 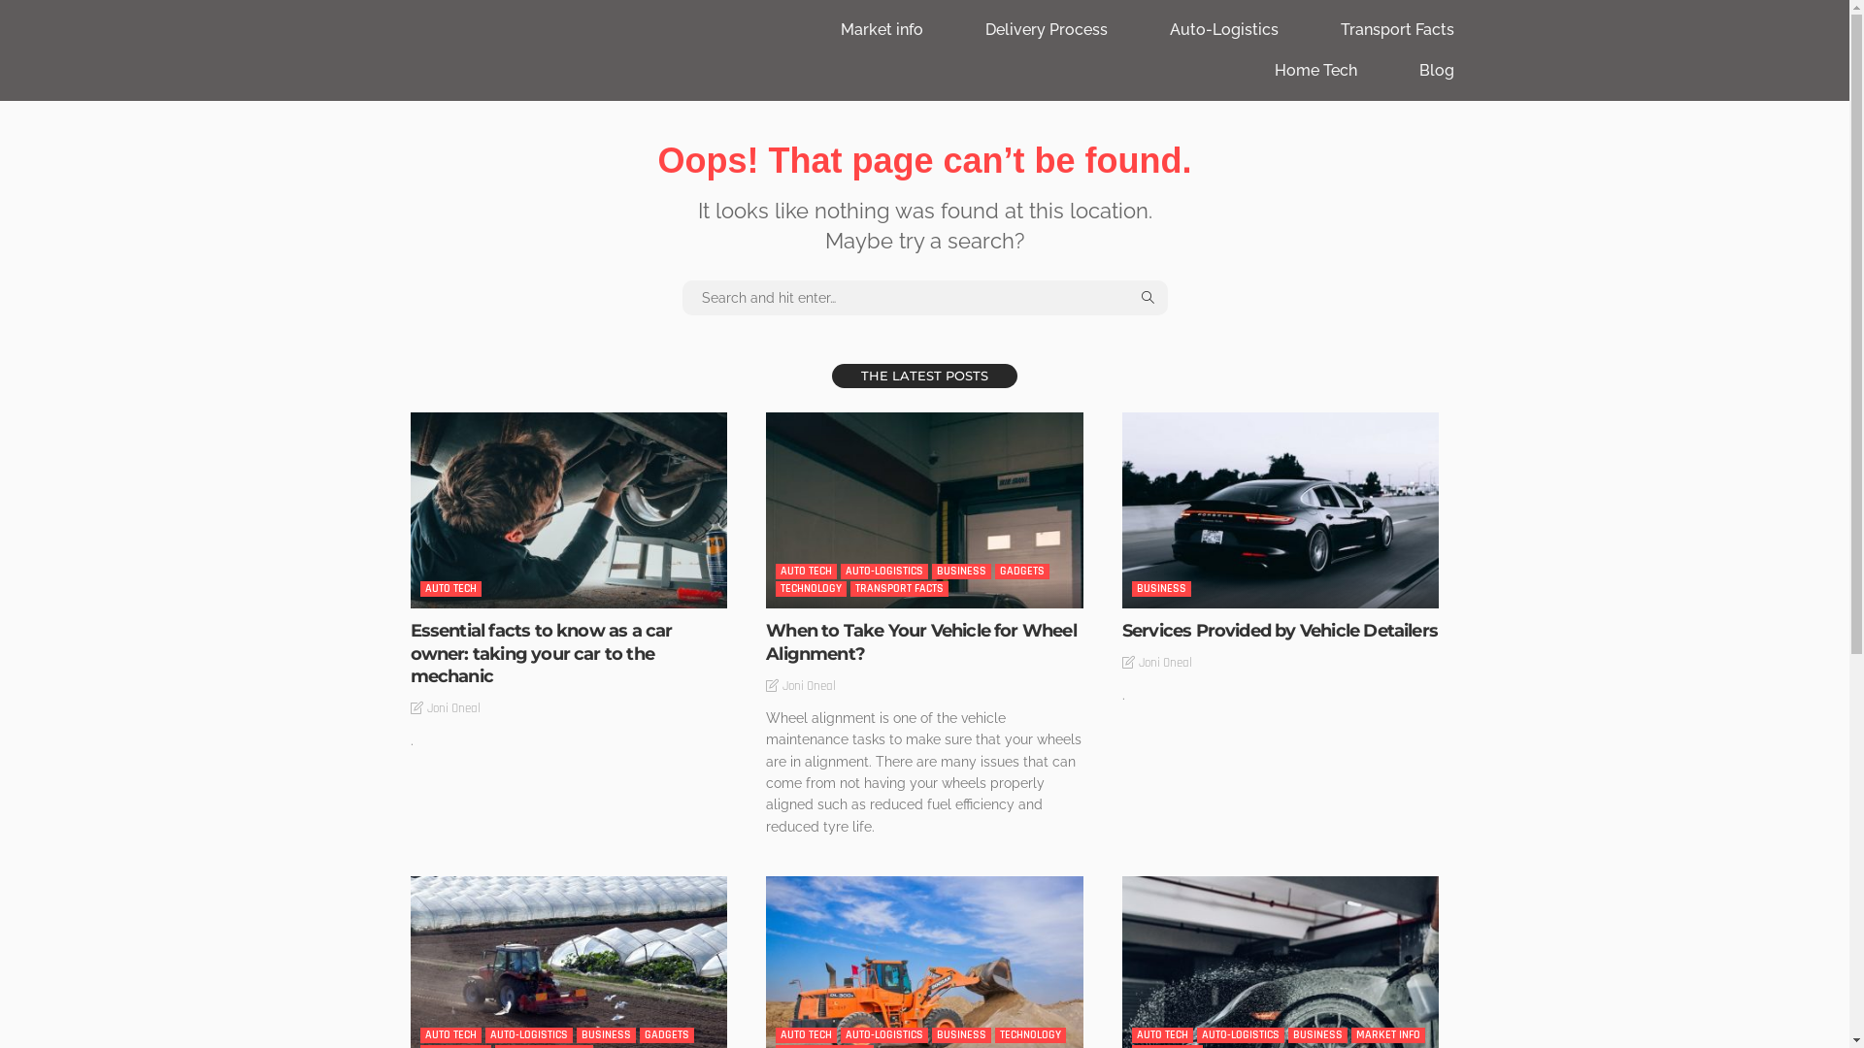 I want to click on 'Transport Facts', so click(x=1310, y=29).